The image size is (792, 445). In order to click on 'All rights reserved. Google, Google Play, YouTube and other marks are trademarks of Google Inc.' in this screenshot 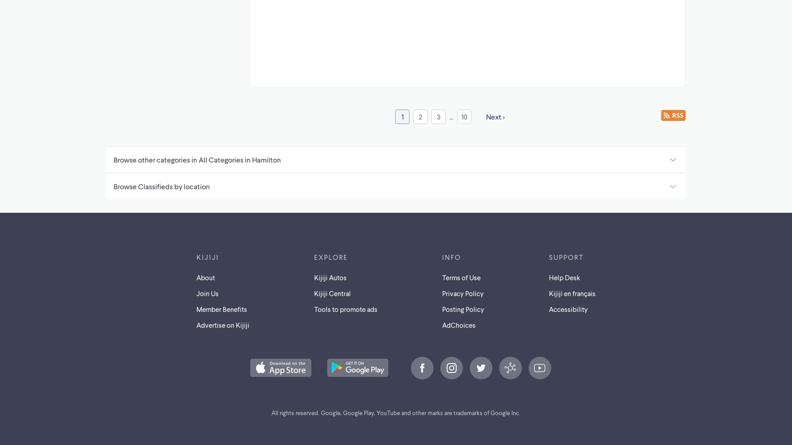, I will do `click(396, 412)`.